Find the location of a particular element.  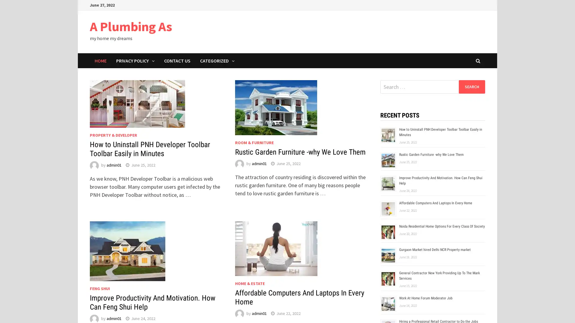

Search is located at coordinates (471, 86).